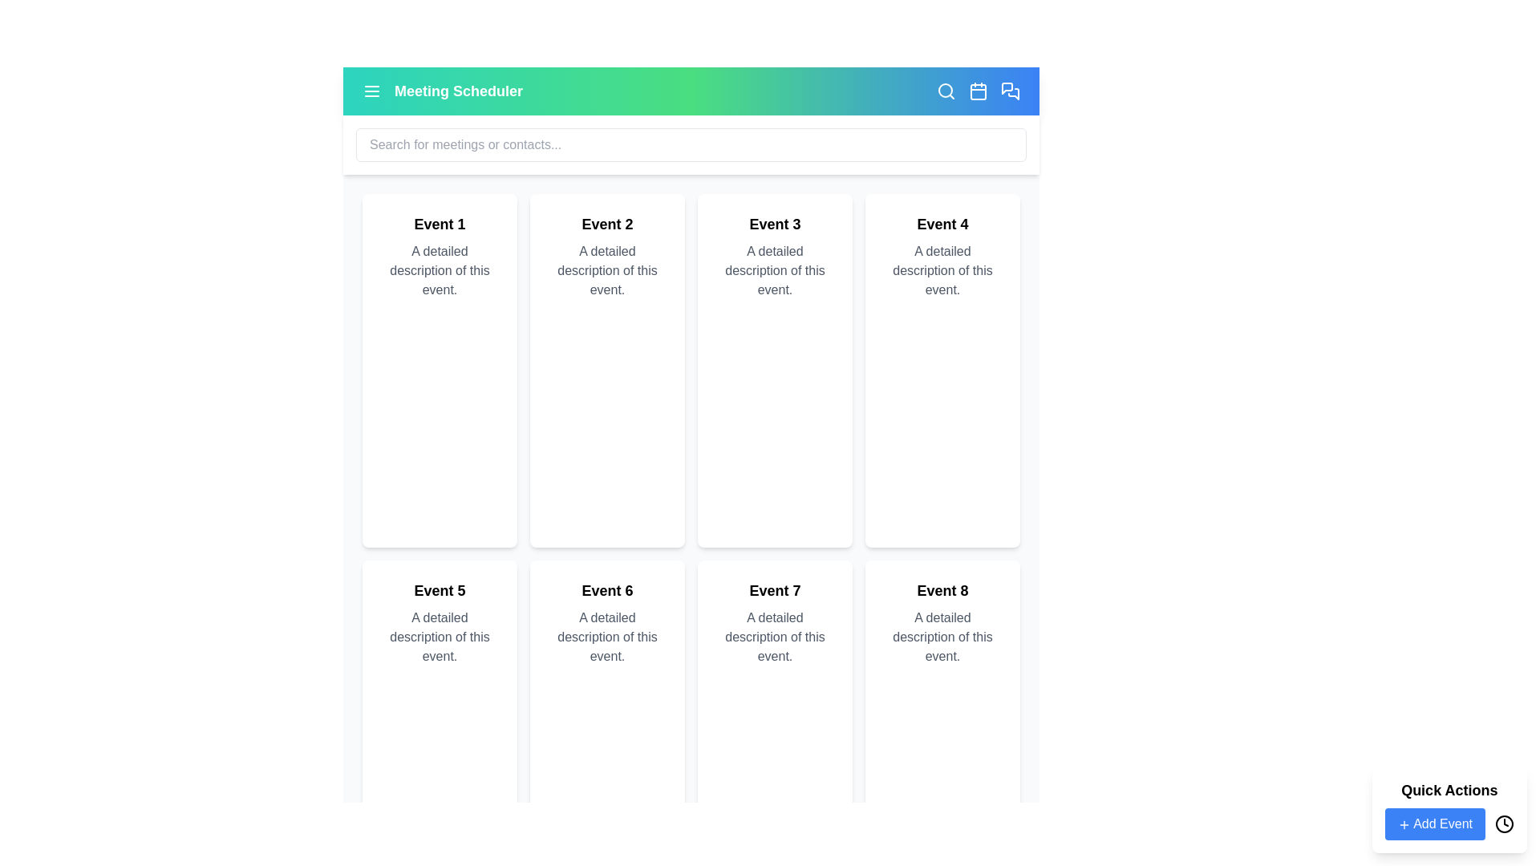 The width and height of the screenshot is (1540, 866). Describe the element at coordinates (440, 225) in the screenshot. I see `the title text located in the top-left card of the grid layout, which serves as the heading for the associated content` at that location.